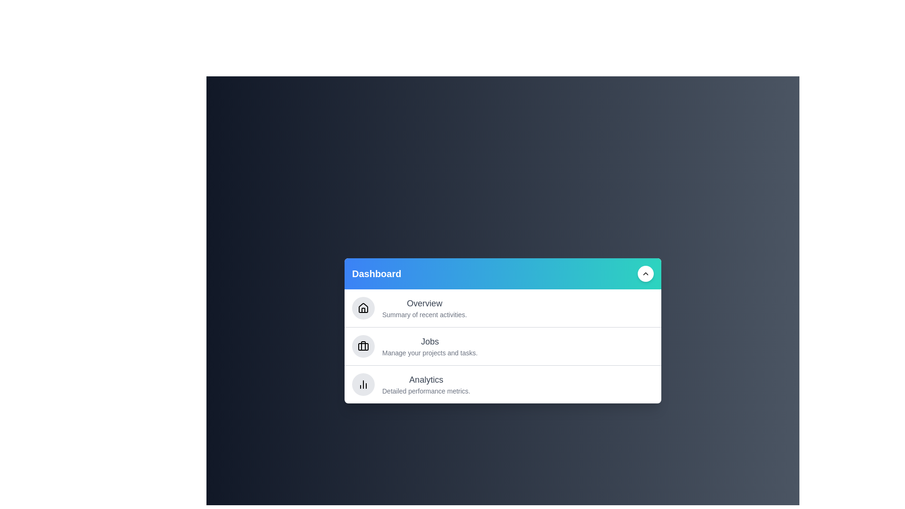  Describe the element at coordinates (502, 384) in the screenshot. I see `the section Analytics in the dashboard` at that location.